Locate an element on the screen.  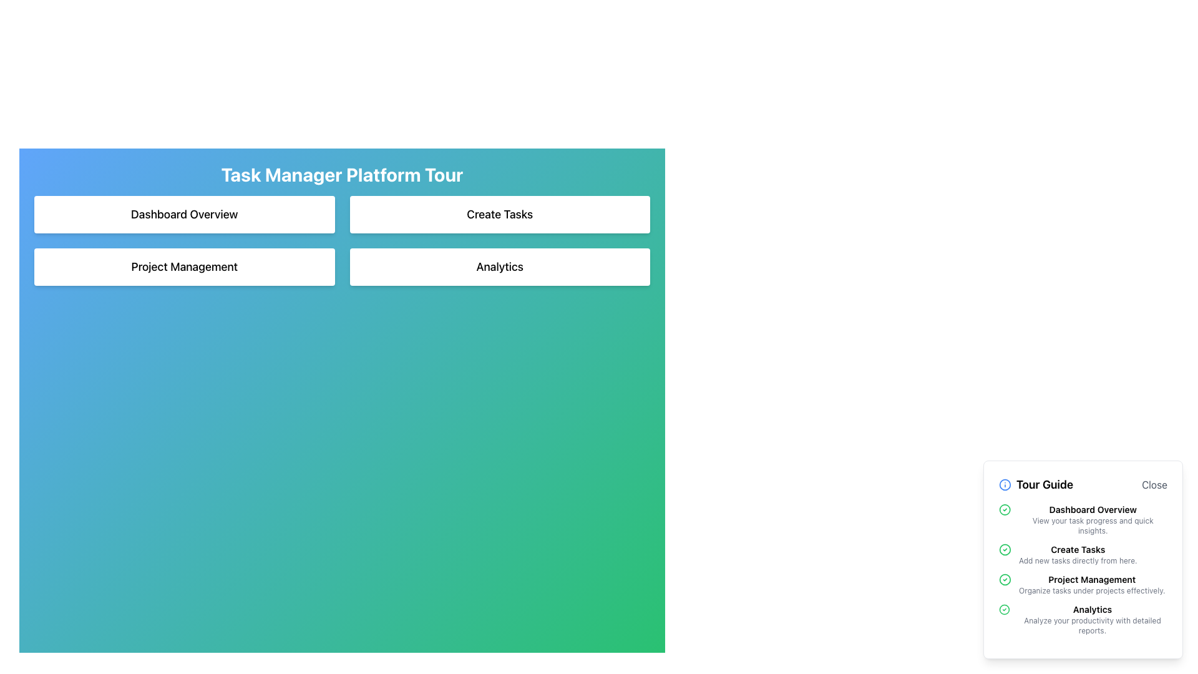
the Panel widget located in the bottom-right area of the interface is located at coordinates (1083, 559).